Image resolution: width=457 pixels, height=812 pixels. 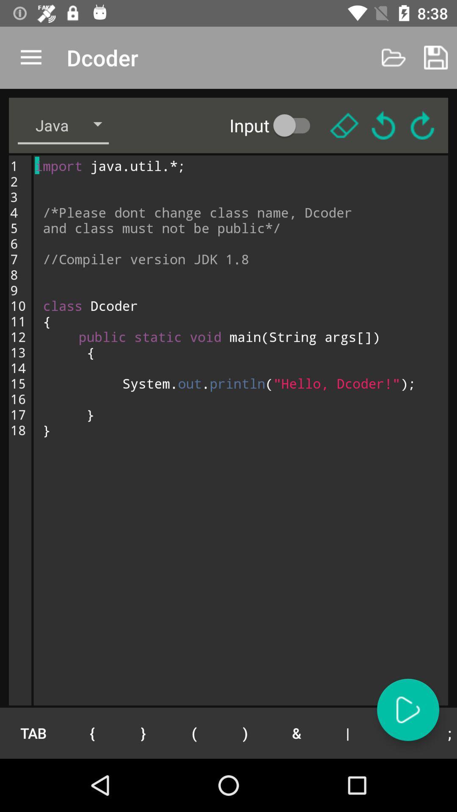 What do you see at coordinates (422, 125) in the screenshot?
I see `refresh` at bounding box center [422, 125].